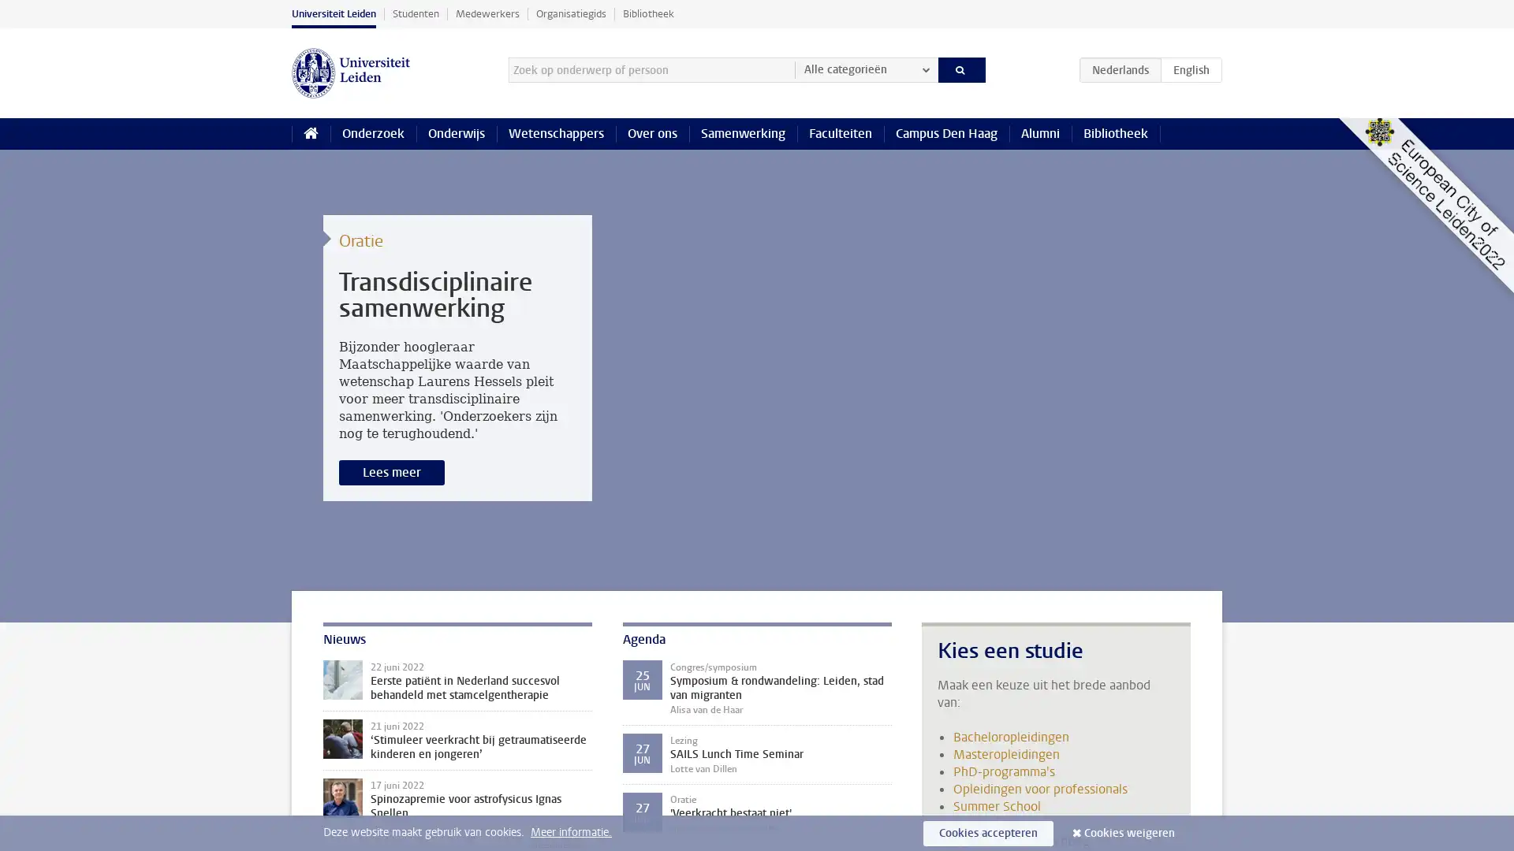 This screenshot has width=1514, height=851. What do you see at coordinates (1128, 832) in the screenshot?
I see `Cookies weigeren` at bounding box center [1128, 832].